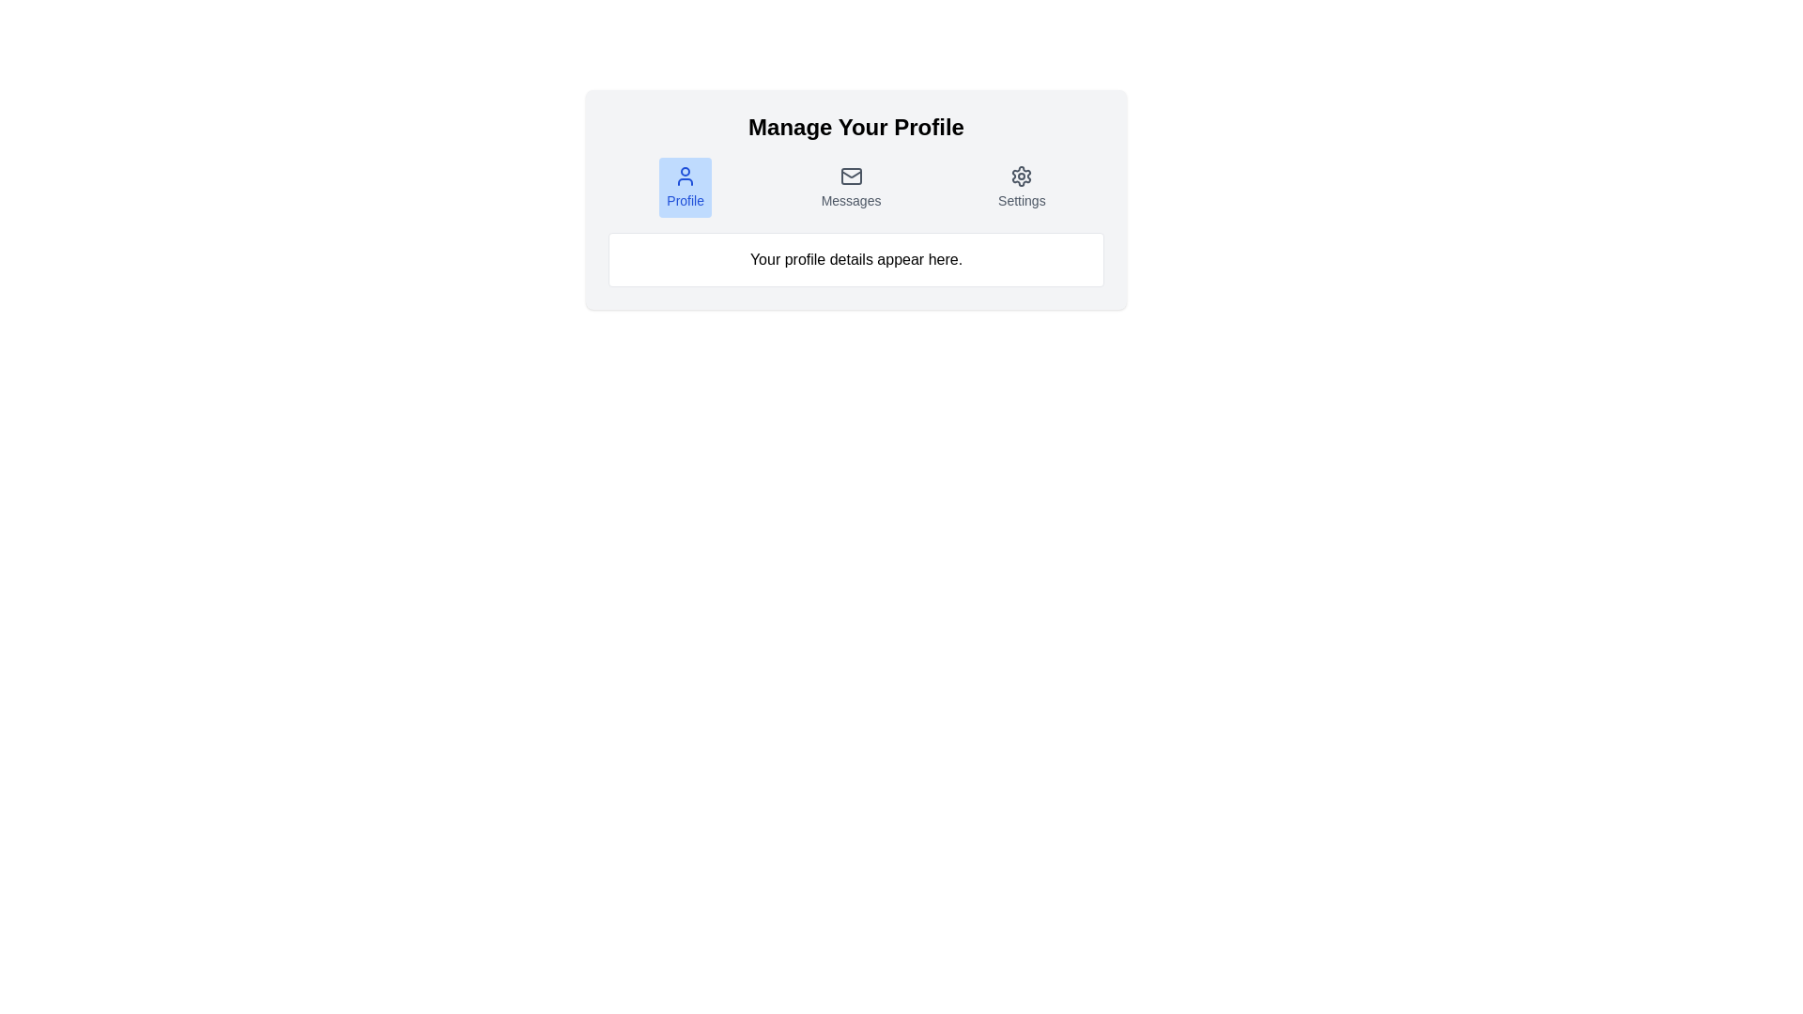 Image resolution: width=1803 pixels, height=1014 pixels. What do you see at coordinates (850, 188) in the screenshot?
I see `the navigation button for Messages, which is the second option in a horizontal group between Profile and Settings` at bounding box center [850, 188].